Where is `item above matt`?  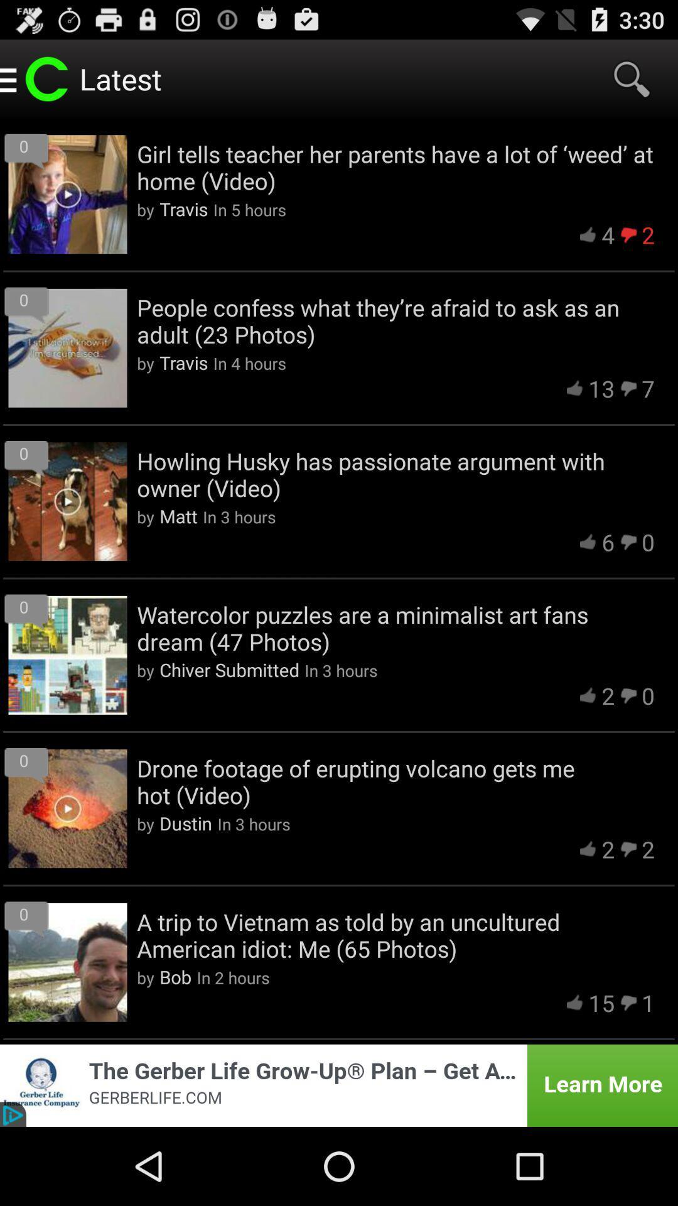 item above matt is located at coordinates (395, 474).